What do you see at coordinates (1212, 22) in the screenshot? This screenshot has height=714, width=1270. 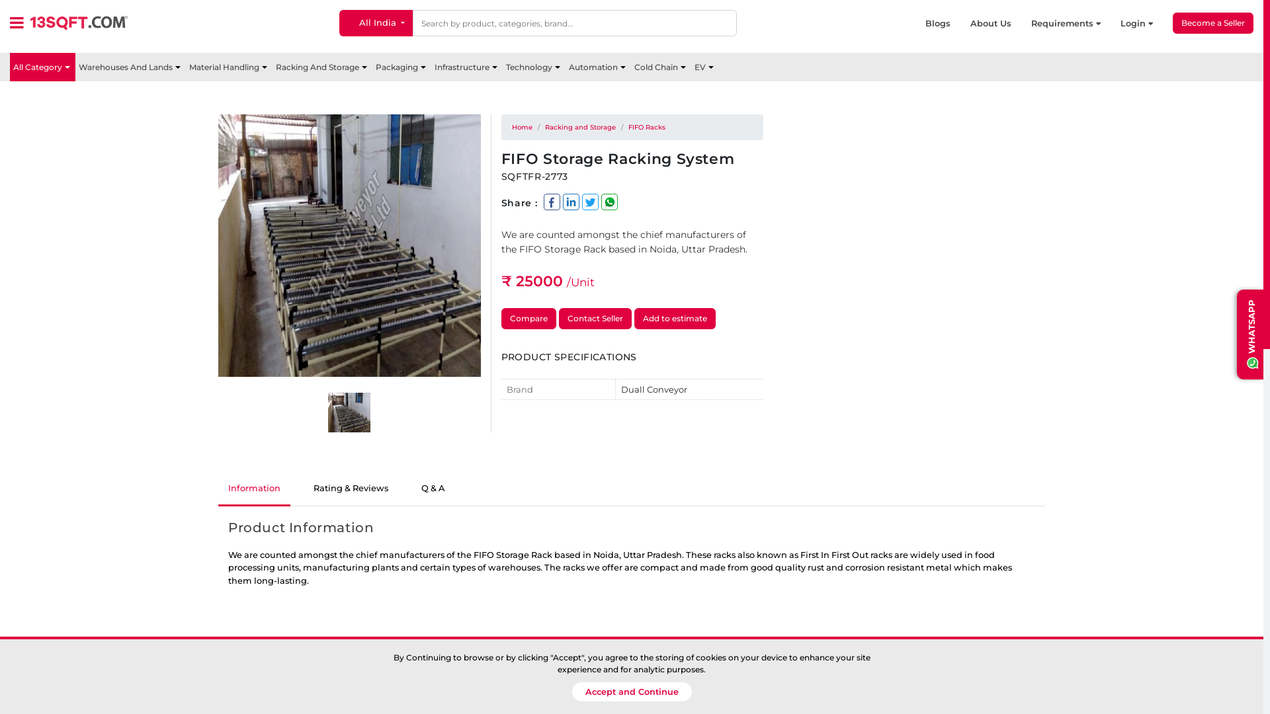 I see `'Become a Seller'` at bounding box center [1212, 22].